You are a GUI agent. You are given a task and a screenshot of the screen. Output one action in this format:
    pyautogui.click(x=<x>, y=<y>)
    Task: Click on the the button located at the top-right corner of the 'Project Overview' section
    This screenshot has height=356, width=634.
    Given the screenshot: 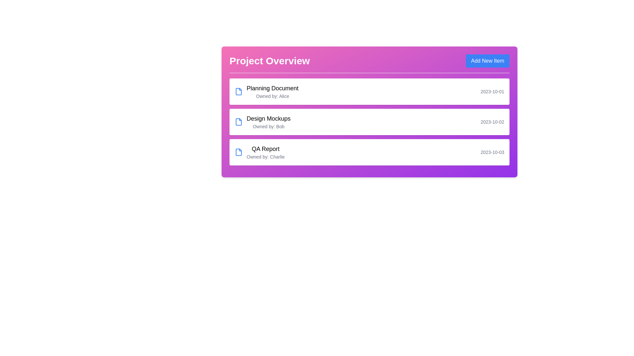 What is the action you would take?
    pyautogui.click(x=487, y=61)
    